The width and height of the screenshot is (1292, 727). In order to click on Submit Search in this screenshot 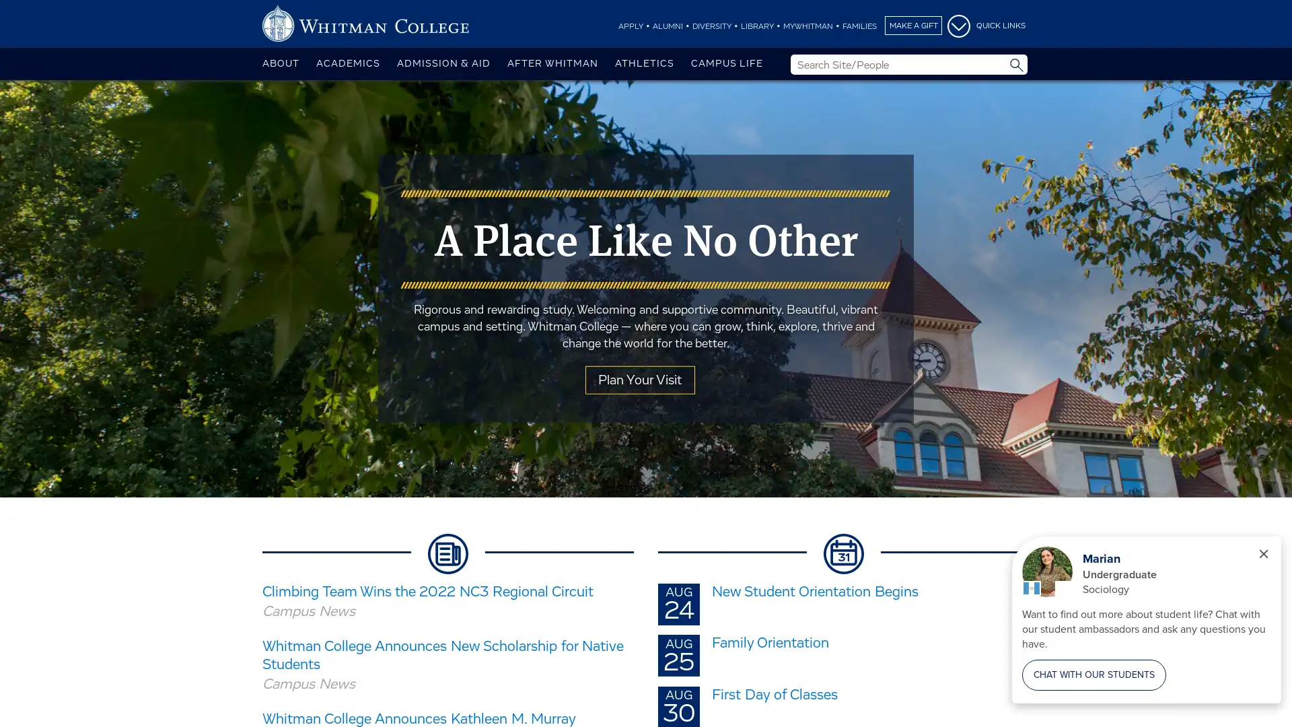, I will do `click(1017, 64)`.